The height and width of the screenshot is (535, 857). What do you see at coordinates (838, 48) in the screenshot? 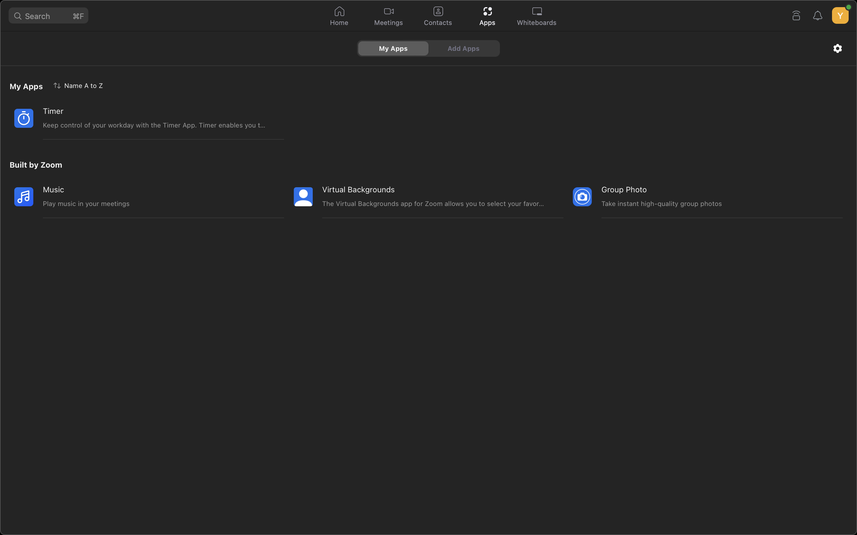
I see `Zoom settings` at bounding box center [838, 48].